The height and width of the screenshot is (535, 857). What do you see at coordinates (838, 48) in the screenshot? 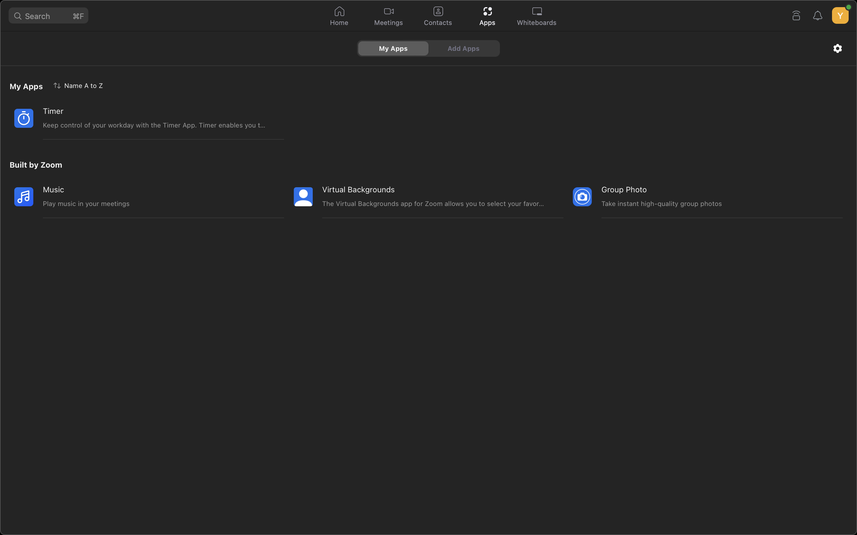
I see `Zoom settings` at bounding box center [838, 48].